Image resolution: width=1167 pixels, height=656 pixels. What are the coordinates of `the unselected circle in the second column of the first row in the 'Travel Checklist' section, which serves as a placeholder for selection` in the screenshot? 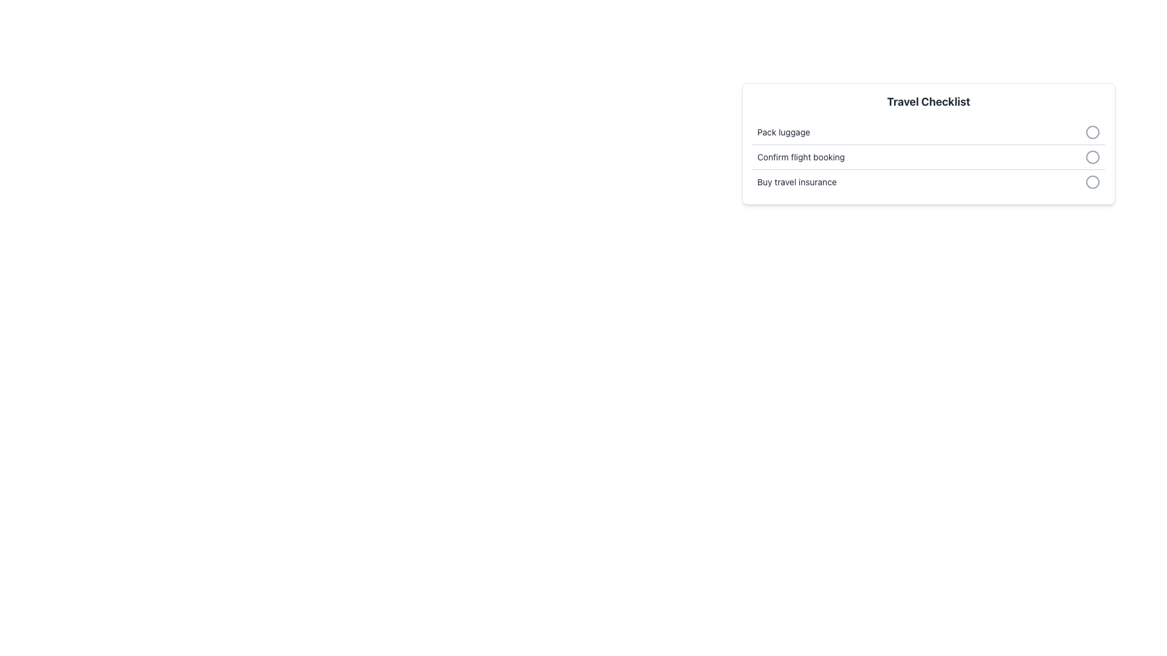 It's located at (1093, 132).